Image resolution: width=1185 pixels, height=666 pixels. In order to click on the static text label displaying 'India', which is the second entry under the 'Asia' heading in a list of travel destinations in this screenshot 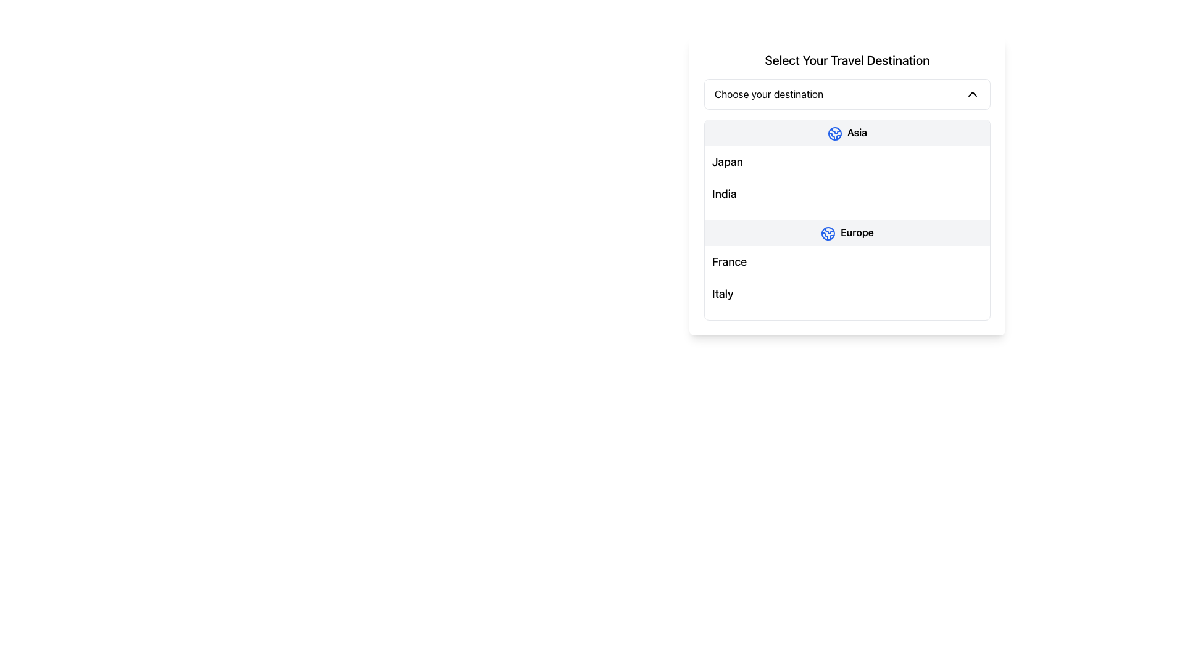, I will do `click(724, 194)`.